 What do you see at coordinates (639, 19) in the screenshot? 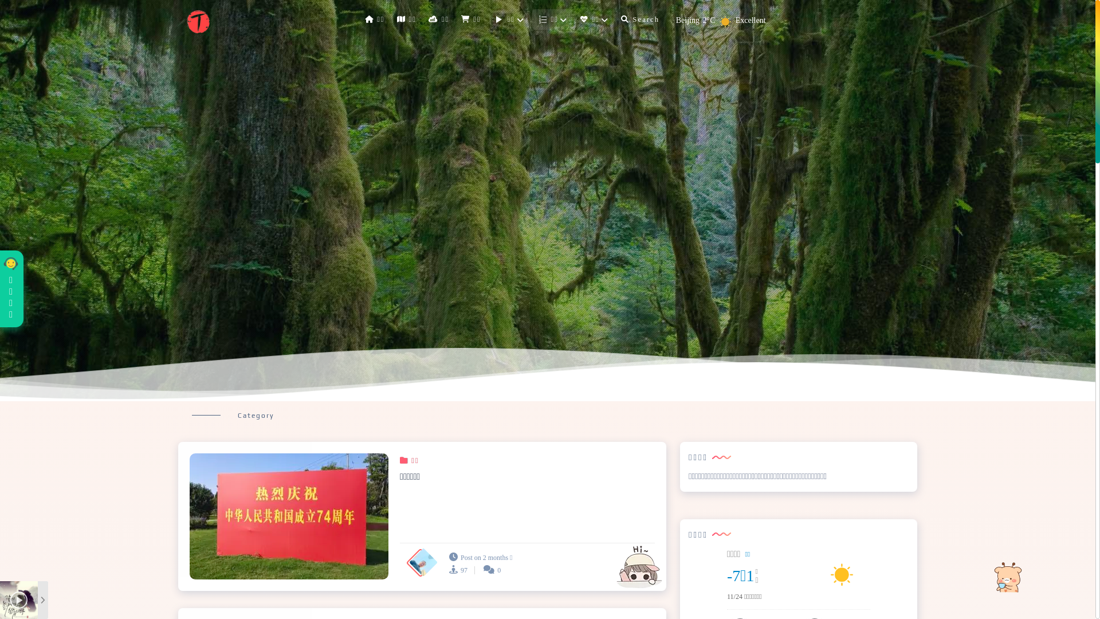
I see `'Search'` at bounding box center [639, 19].